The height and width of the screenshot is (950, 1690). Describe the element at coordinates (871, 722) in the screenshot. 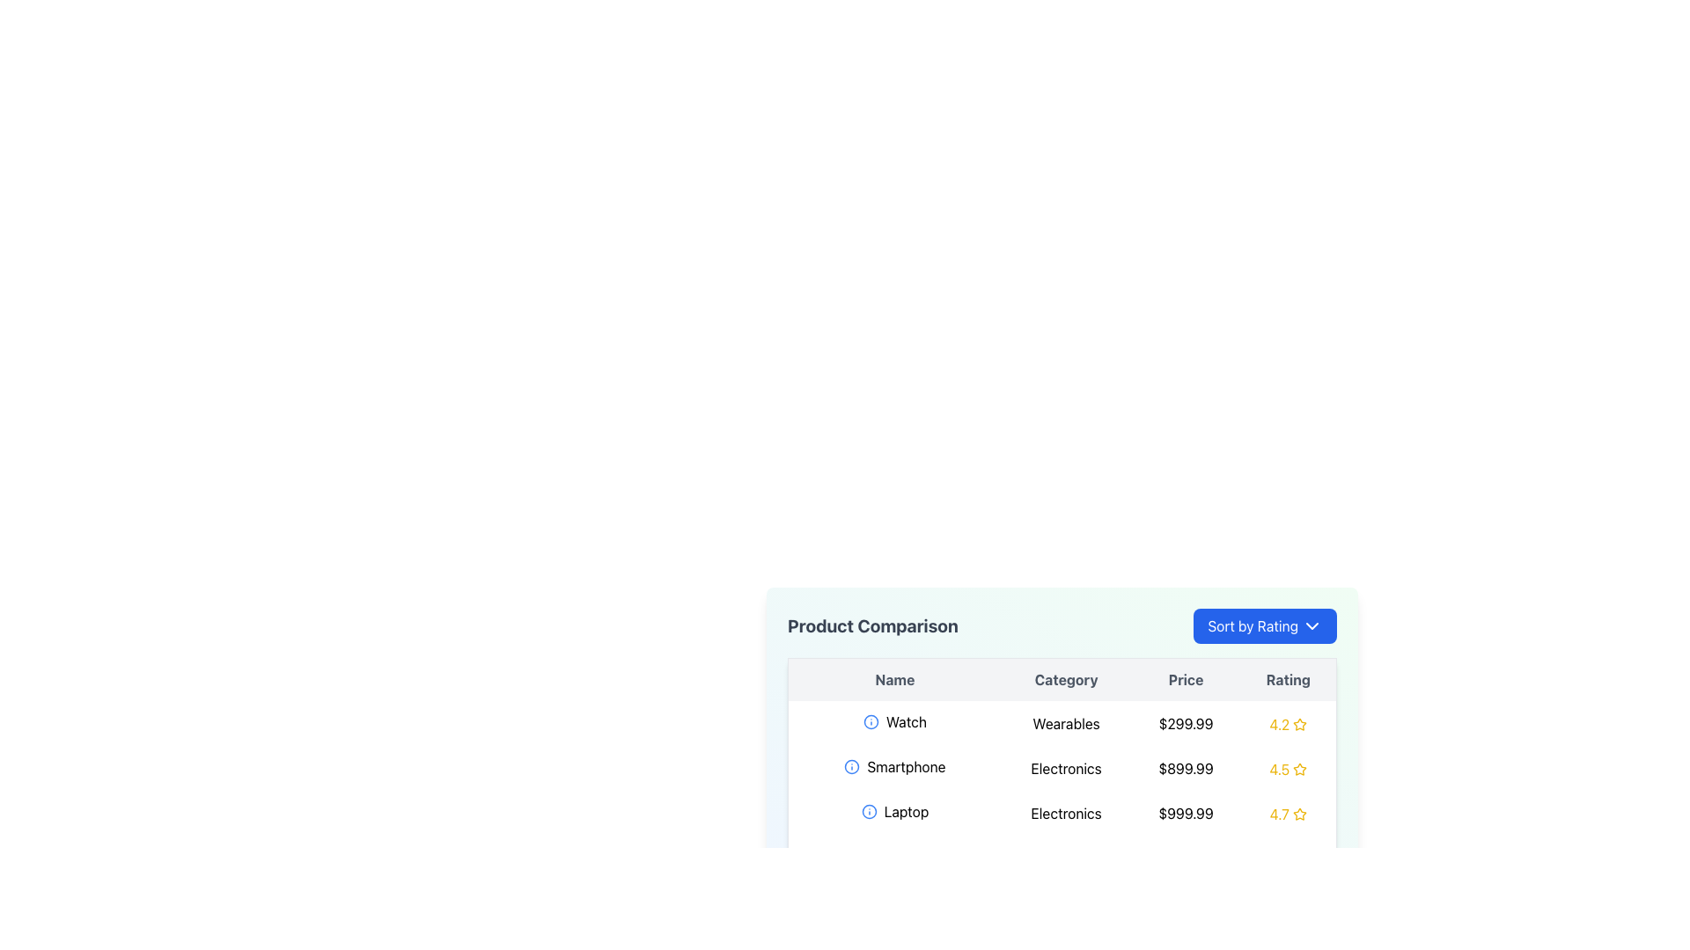

I see `the info icon, a small circular blue icon with a white 'i' inside, located to the left of the 'Watch' text in the table row for the product 'Watch'` at that location.